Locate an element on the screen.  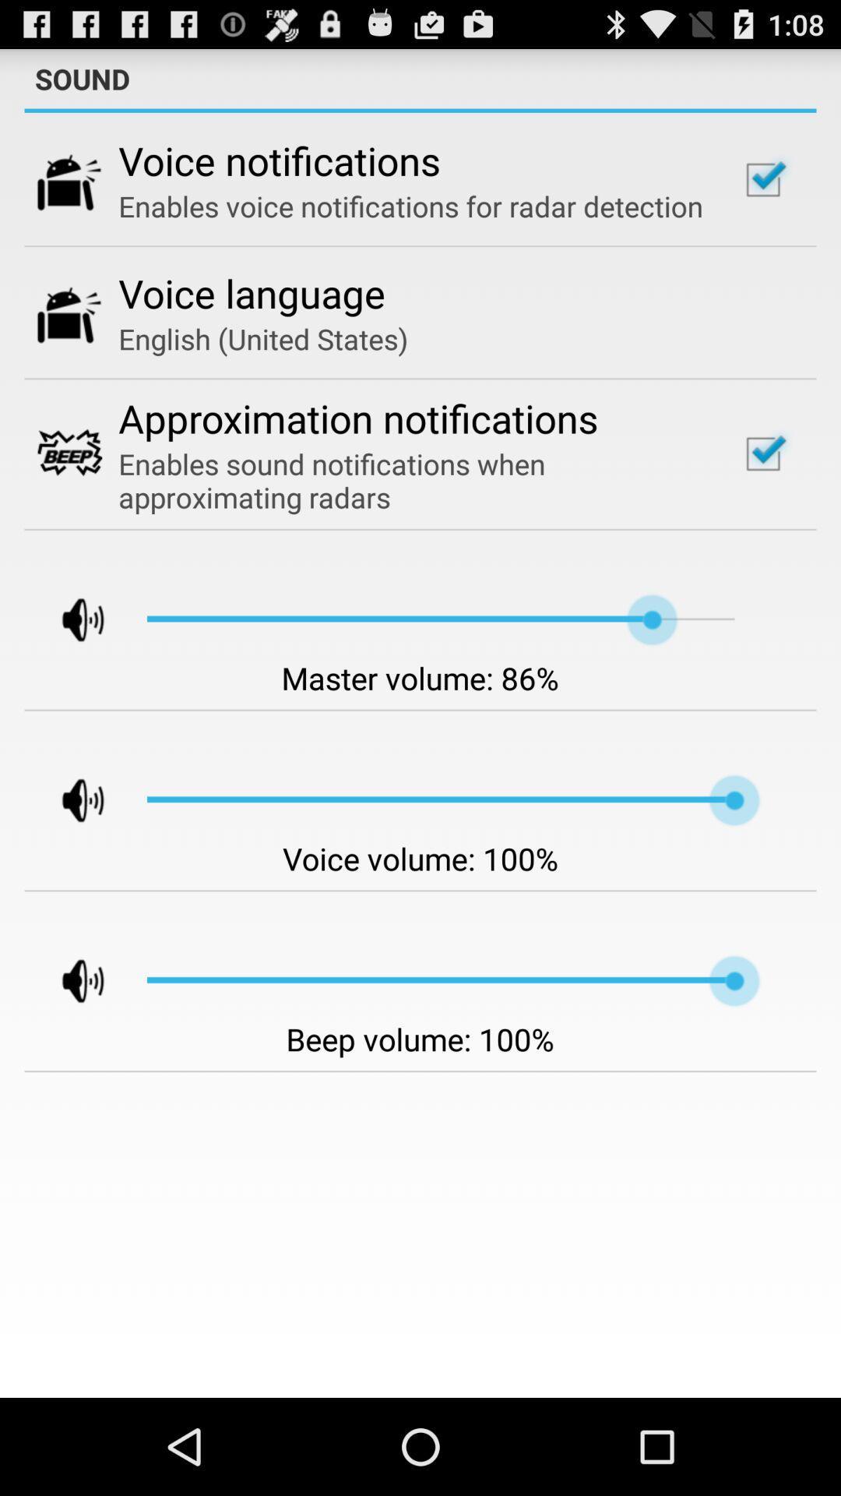
the english (united states) is located at coordinates (262, 338).